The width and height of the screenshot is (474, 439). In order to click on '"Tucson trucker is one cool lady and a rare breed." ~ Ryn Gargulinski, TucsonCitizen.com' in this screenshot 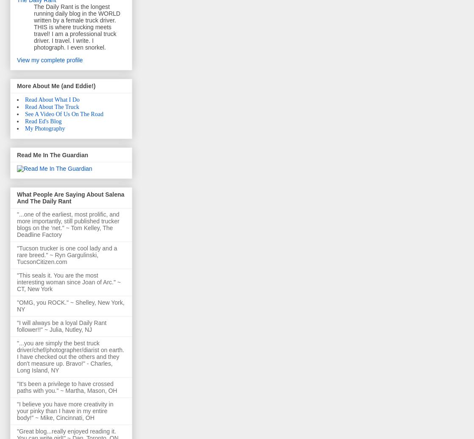, I will do `click(67, 255)`.